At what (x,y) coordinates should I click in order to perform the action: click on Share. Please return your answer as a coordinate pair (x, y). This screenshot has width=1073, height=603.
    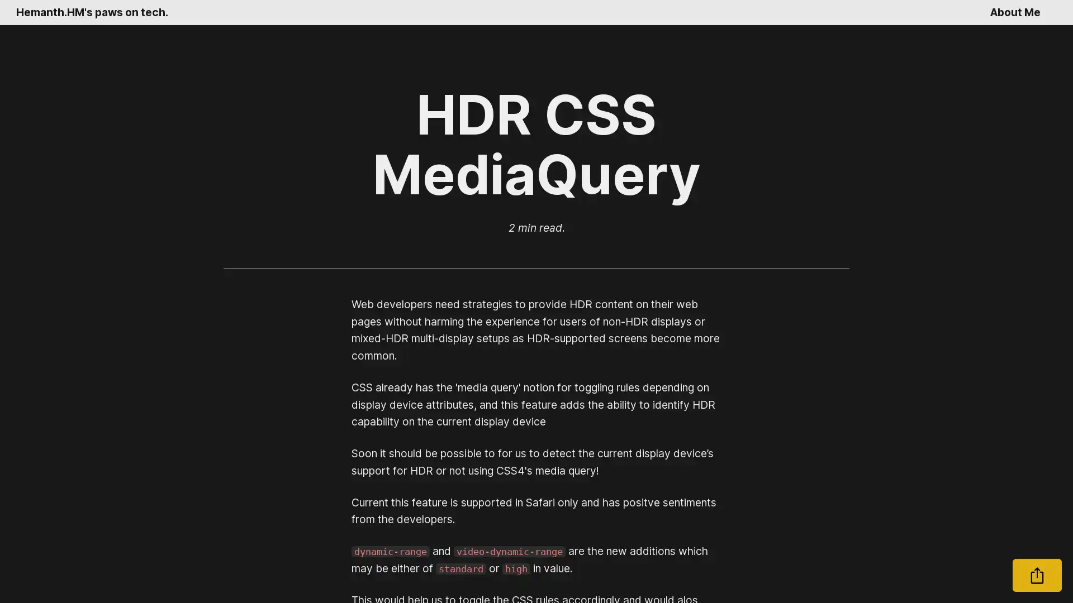
    Looking at the image, I should click on (1037, 575).